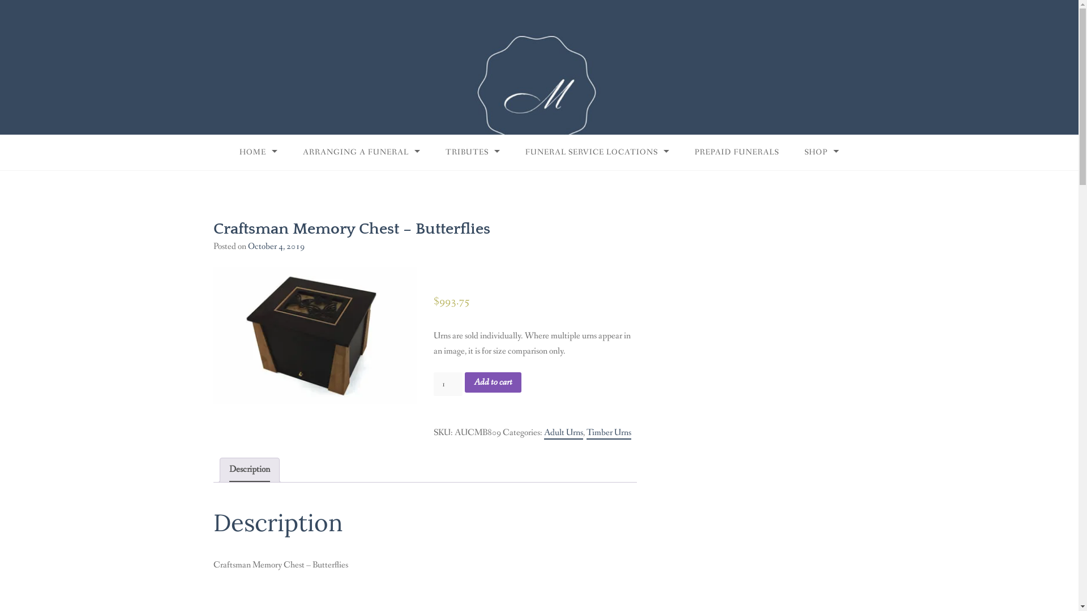  What do you see at coordinates (276, 246) in the screenshot?
I see `'October 4, 2019'` at bounding box center [276, 246].